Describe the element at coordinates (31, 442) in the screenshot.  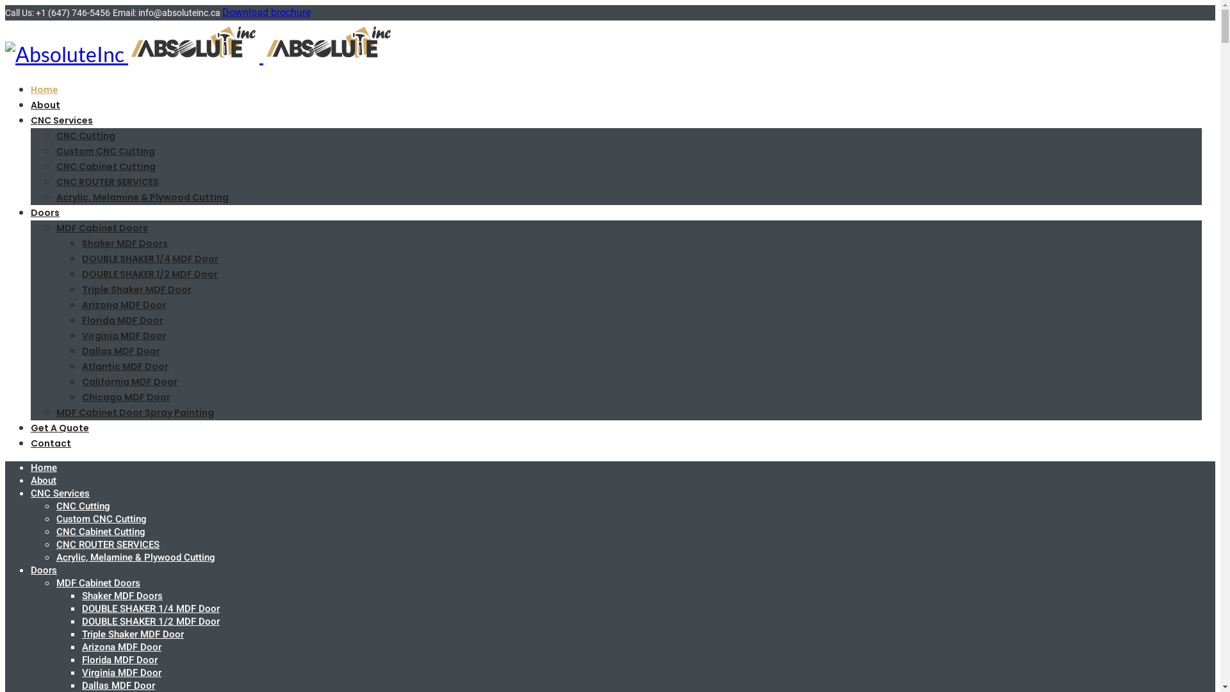
I see `'Contact'` at that location.